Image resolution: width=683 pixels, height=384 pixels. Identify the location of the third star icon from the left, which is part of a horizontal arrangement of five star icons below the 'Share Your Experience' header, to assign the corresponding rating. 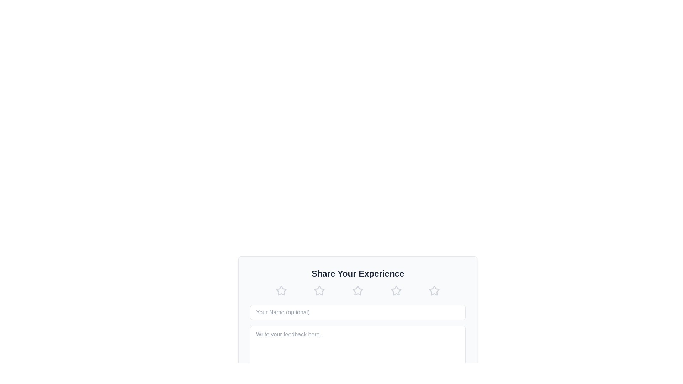
(358, 290).